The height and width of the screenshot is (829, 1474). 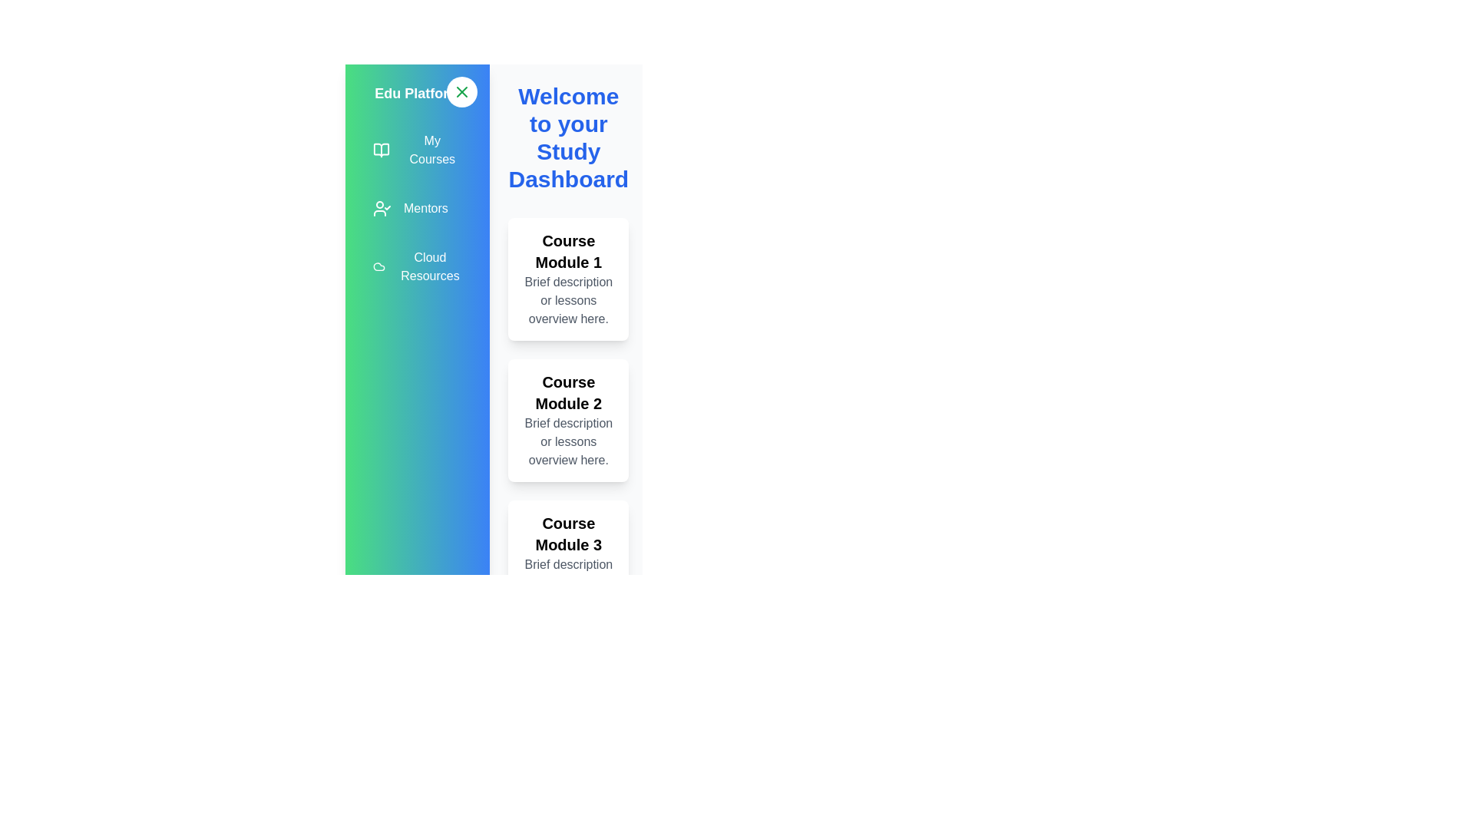 What do you see at coordinates (417, 266) in the screenshot?
I see `the 'Cloud Resources' menu item to navigate to the respective section` at bounding box center [417, 266].